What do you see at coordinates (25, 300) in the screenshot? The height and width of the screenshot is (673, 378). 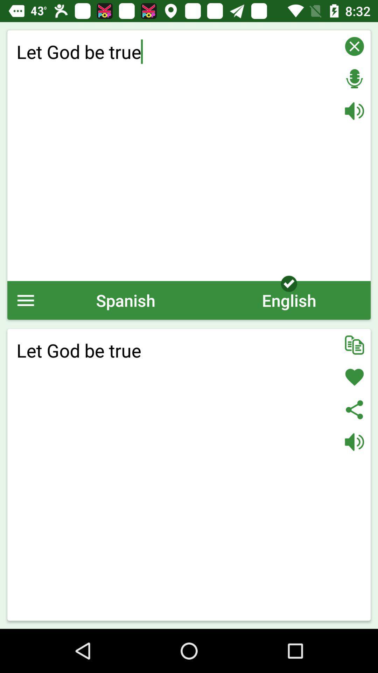 I see `the icon below let god be item` at bounding box center [25, 300].